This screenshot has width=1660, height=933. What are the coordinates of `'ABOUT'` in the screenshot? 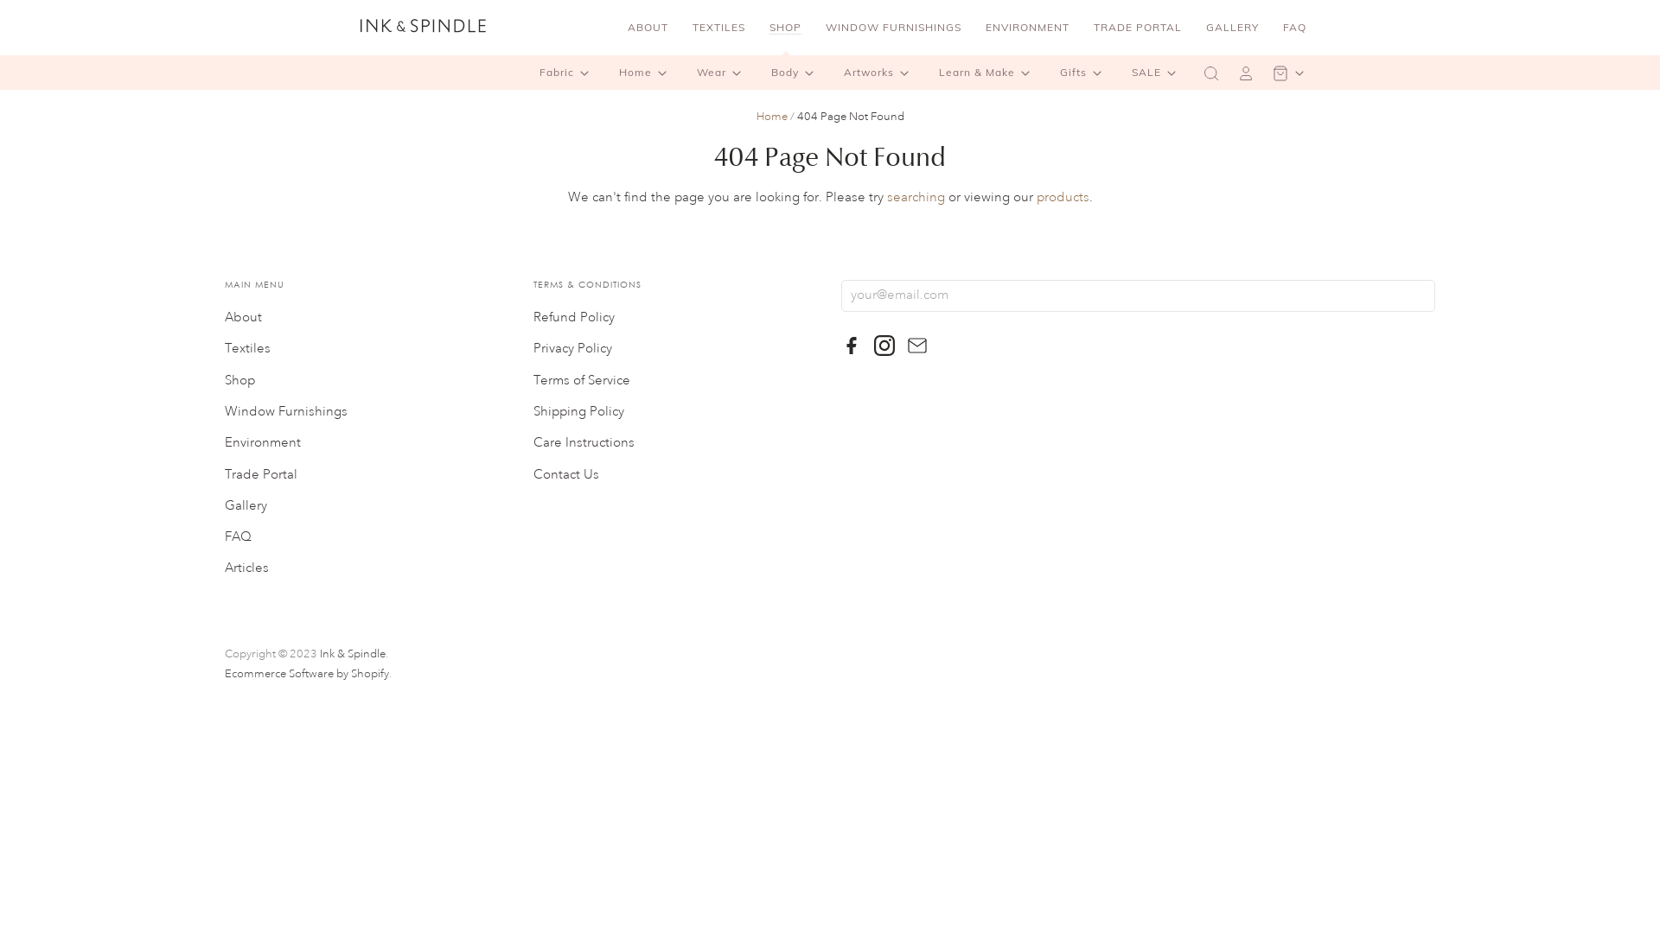 It's located at (617, 27).